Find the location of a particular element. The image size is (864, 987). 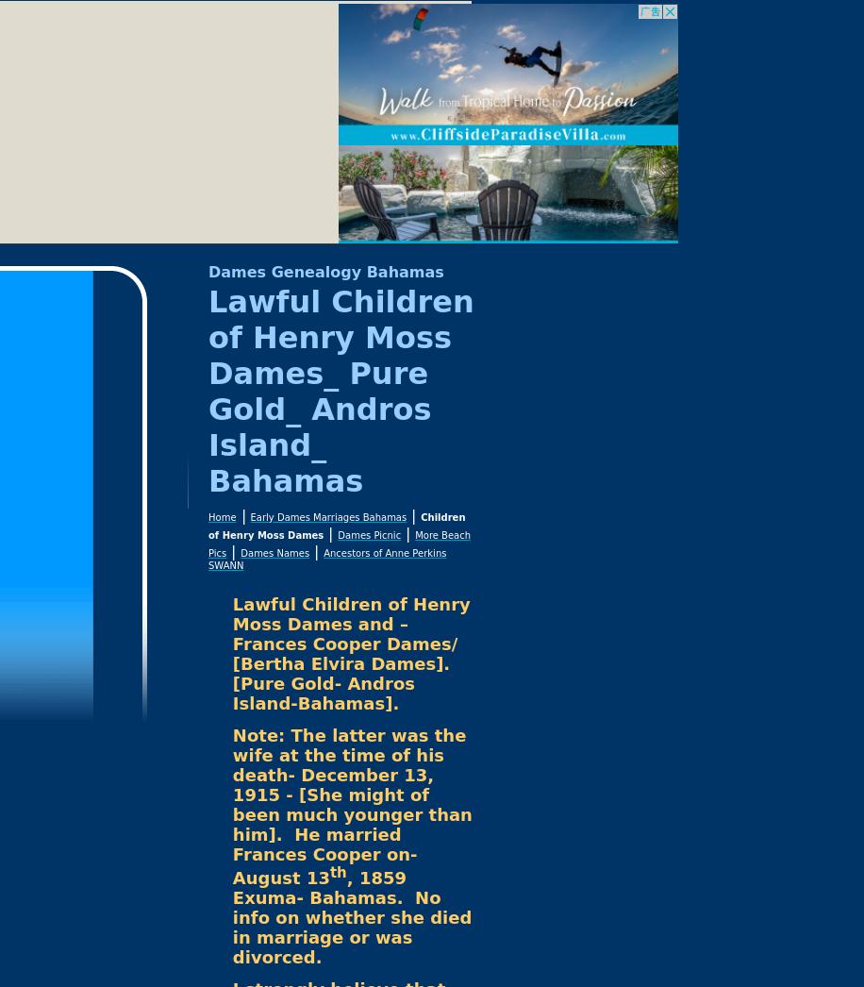

'He married Frances Cooper on- August 13' is located at coordinates (323, 856).